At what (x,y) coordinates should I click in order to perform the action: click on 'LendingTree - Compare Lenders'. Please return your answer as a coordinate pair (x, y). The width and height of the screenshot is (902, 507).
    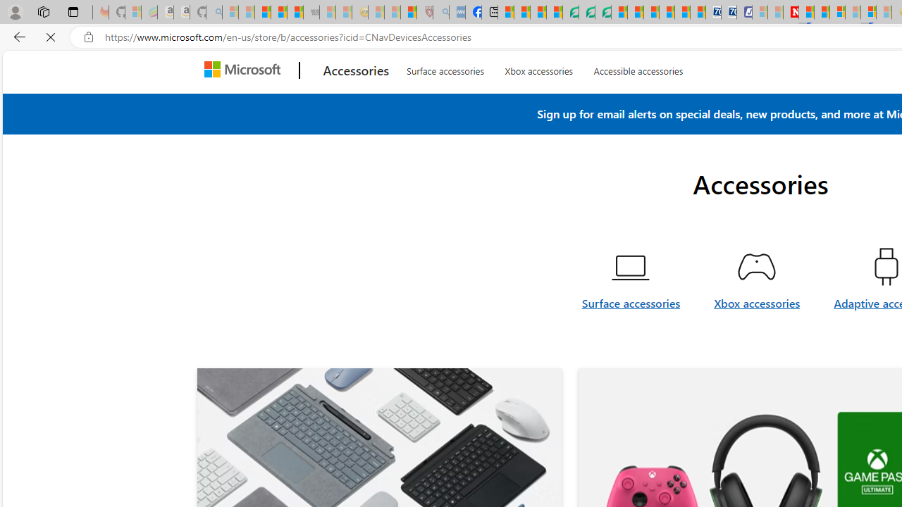
    Looking at the image, I should click on (570, 12).